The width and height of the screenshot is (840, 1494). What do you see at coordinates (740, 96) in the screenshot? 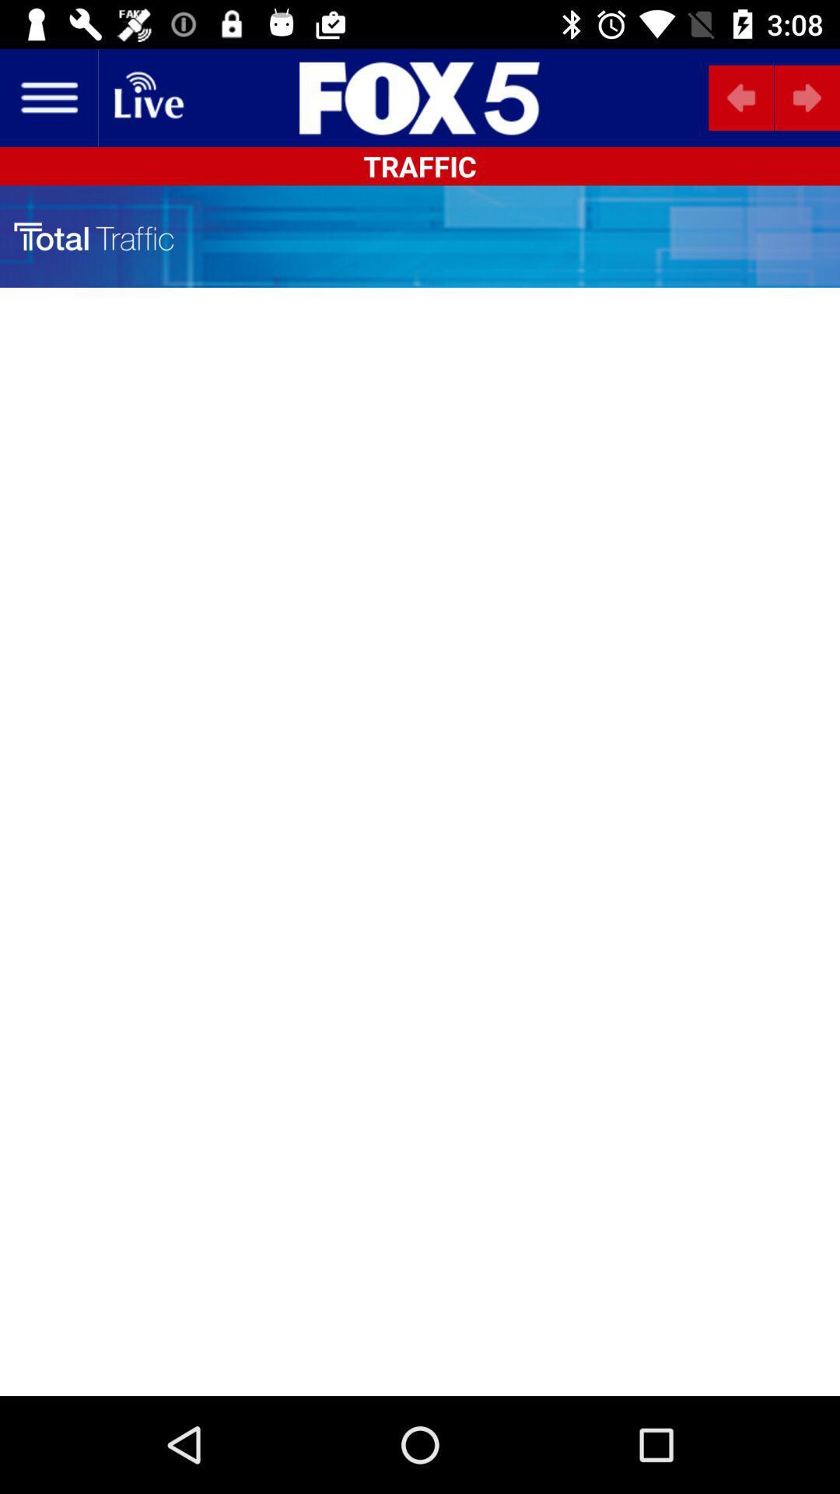
I see `the arrow_backward icon` at bounding box center [740, 96].